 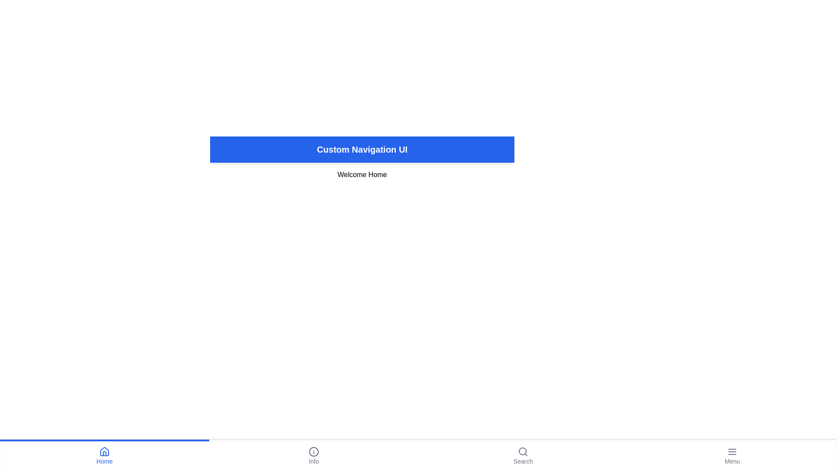 I want to click on the 'Search' text label located at the bottom-right corner of the navigation bar, which is displayed in a small, gray font, so click(x=523, y=461).